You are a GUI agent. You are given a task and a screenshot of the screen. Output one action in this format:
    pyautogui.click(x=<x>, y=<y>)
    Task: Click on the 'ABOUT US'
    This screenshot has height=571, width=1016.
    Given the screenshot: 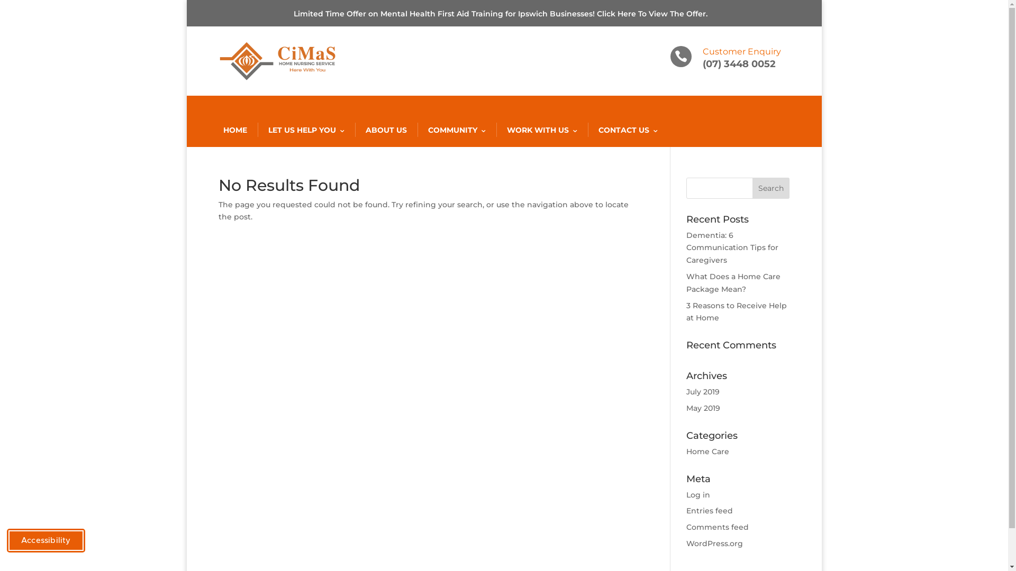 What is the action you would take?
    pyautogui.click(x=385, y=130)
    